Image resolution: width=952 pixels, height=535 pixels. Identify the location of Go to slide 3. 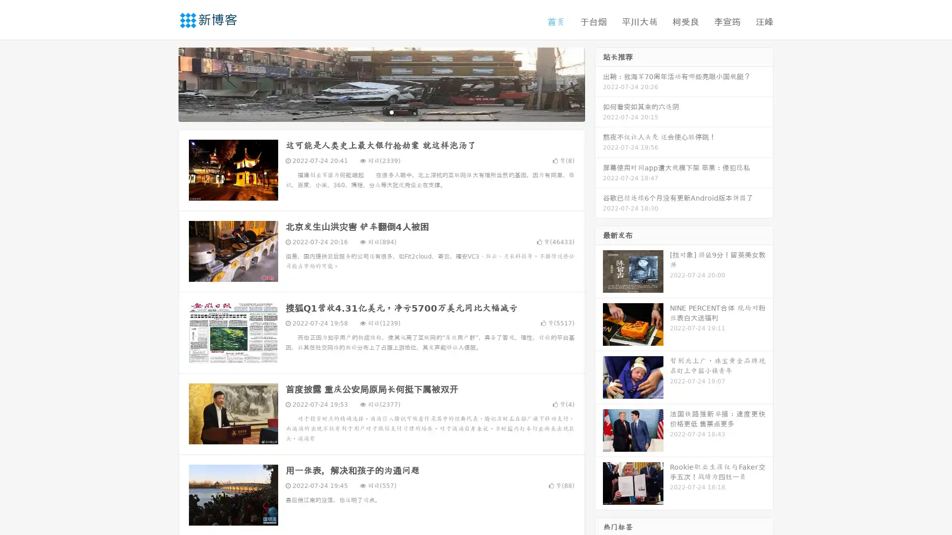
(391, 111).